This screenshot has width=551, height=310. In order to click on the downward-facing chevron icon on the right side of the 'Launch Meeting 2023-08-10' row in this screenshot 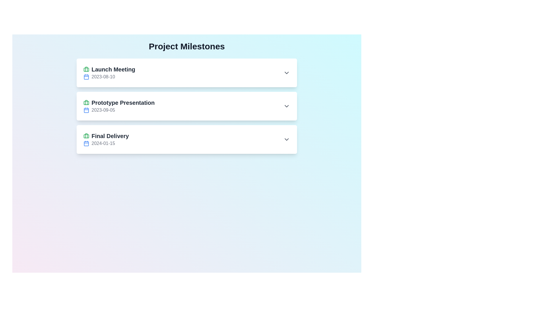, I will do `click(286, 73)`.